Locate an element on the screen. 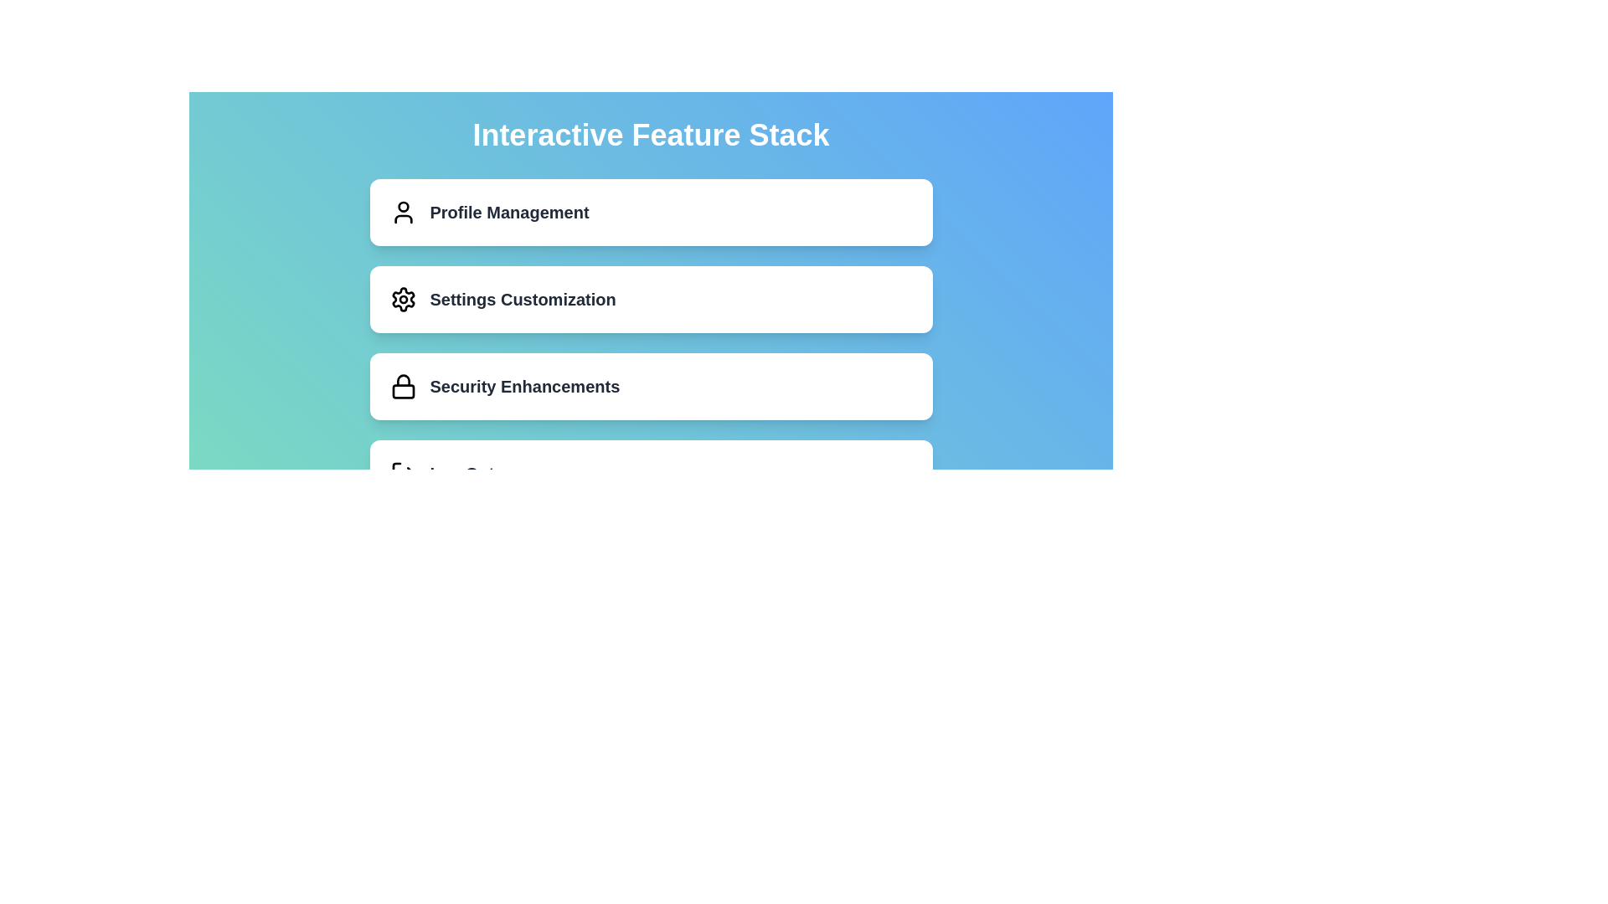 This screenshot has height=904, width=1608. the left vertical bar of the logout icon, which is part of a button-like area beneath the 'Profile Management', 'Settings Customization', and 'Security Enhancements' buttons is located at coordinates (395, 474).